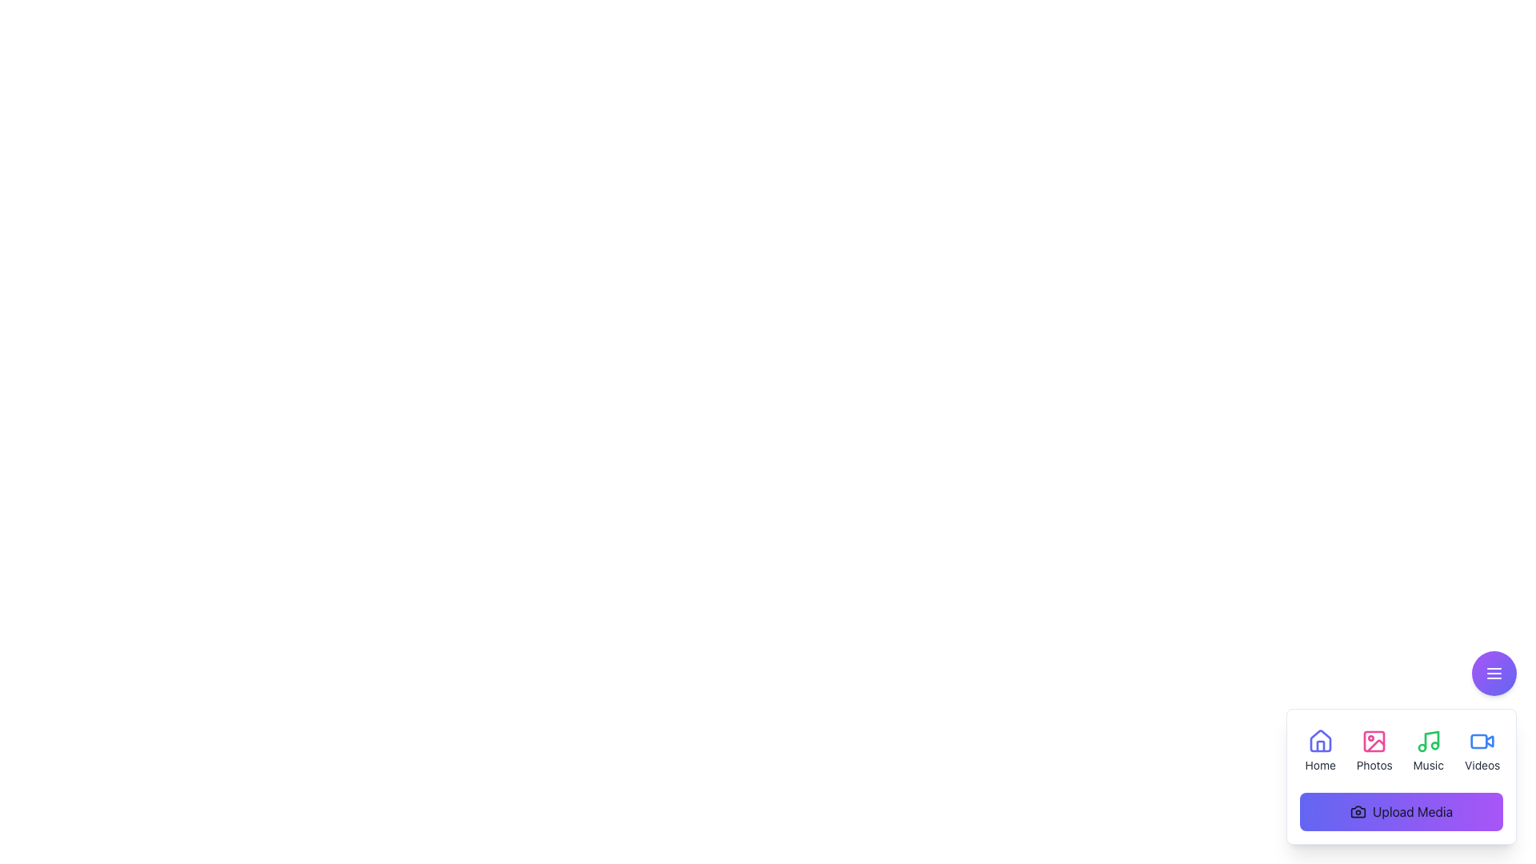 This screenshot has height=864, width=1536. I want to click on the pink rounded rectangle icon located in the lower right corner of the interface, which is part of the SVG image icon and positioned to the right of the 'Photos' tab, so click(1374, 741).